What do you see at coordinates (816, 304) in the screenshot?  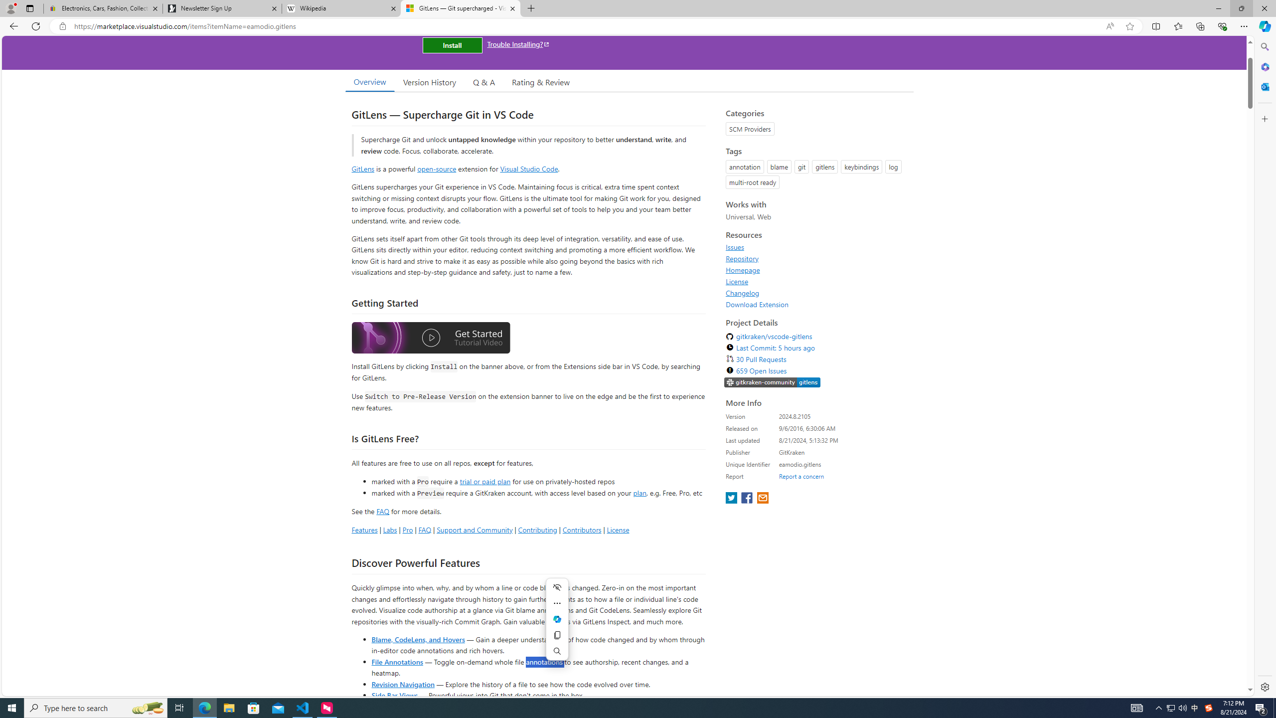 I see `'Download Extension'` at bounding box center [816, 304].